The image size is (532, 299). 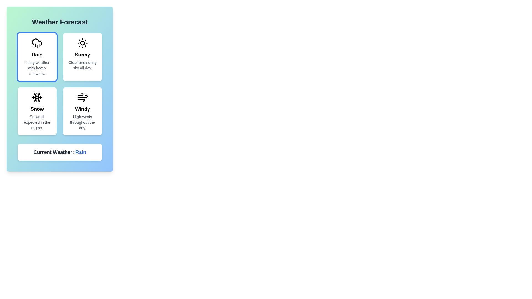 What do you see at coordinates (82, 55) in the screenshot?
I see `the 'Sunny' text label, which indicates the weather condition in the second card of a 2x2 grid layout, located directly below the sun icon` at bounding box center [82, 55].